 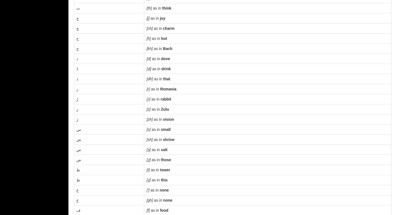 What do you see at coordinates (148, 129) in the screenshot?
I see `'[s]'` at bounding box center [148, 129].